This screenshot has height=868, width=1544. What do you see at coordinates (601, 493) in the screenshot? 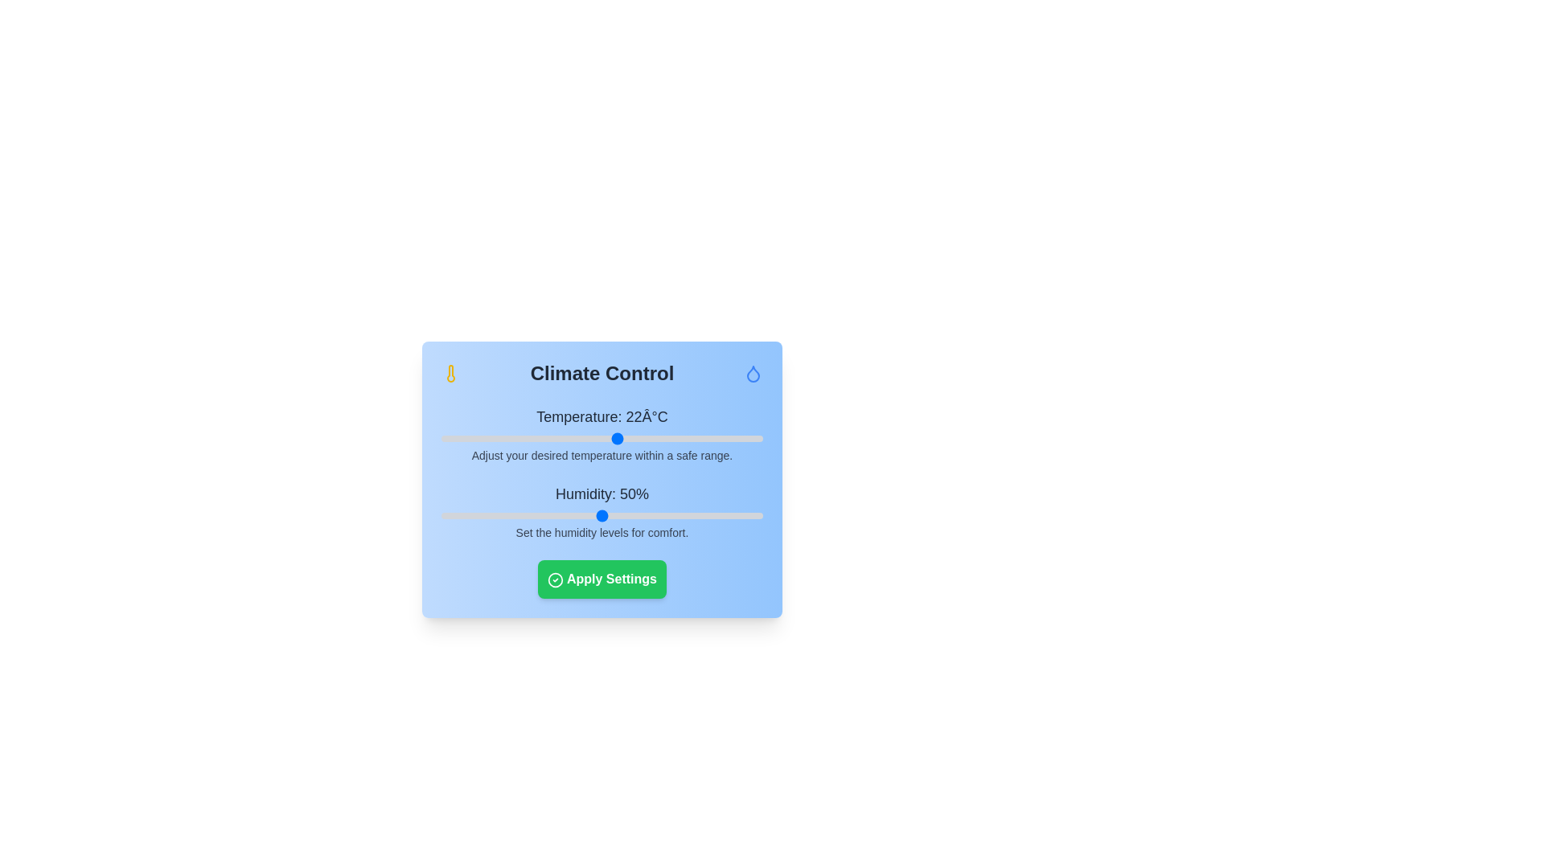
I see `the 'Humidity: 50%' label text to potentially reveal tooltips` at bounding box center [601, 493].